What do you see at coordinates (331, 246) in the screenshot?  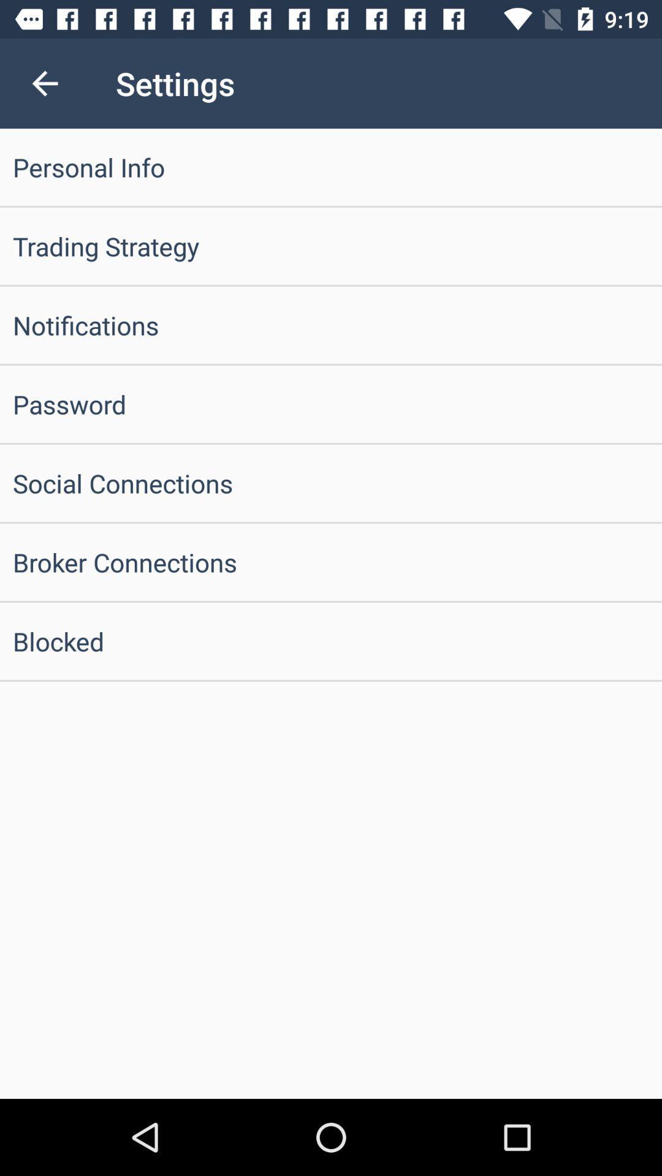 I see `the icon below personal info item` at bounding box center [331, 246].